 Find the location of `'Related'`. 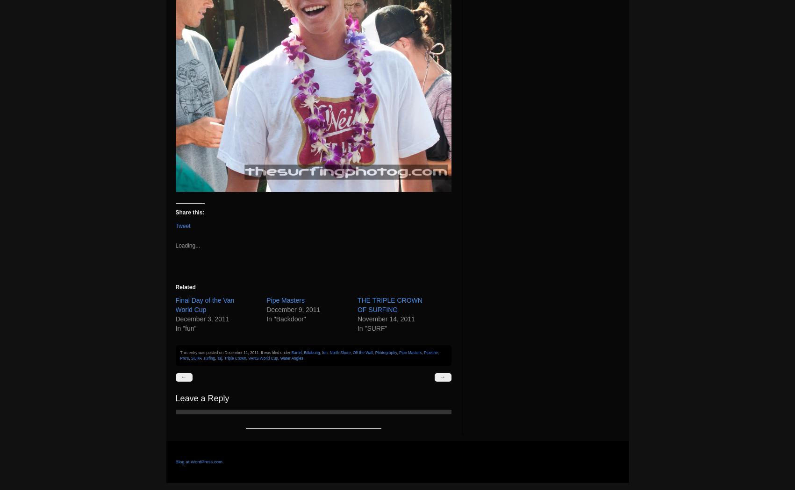

'Related' is located at coordinates (185, 286).